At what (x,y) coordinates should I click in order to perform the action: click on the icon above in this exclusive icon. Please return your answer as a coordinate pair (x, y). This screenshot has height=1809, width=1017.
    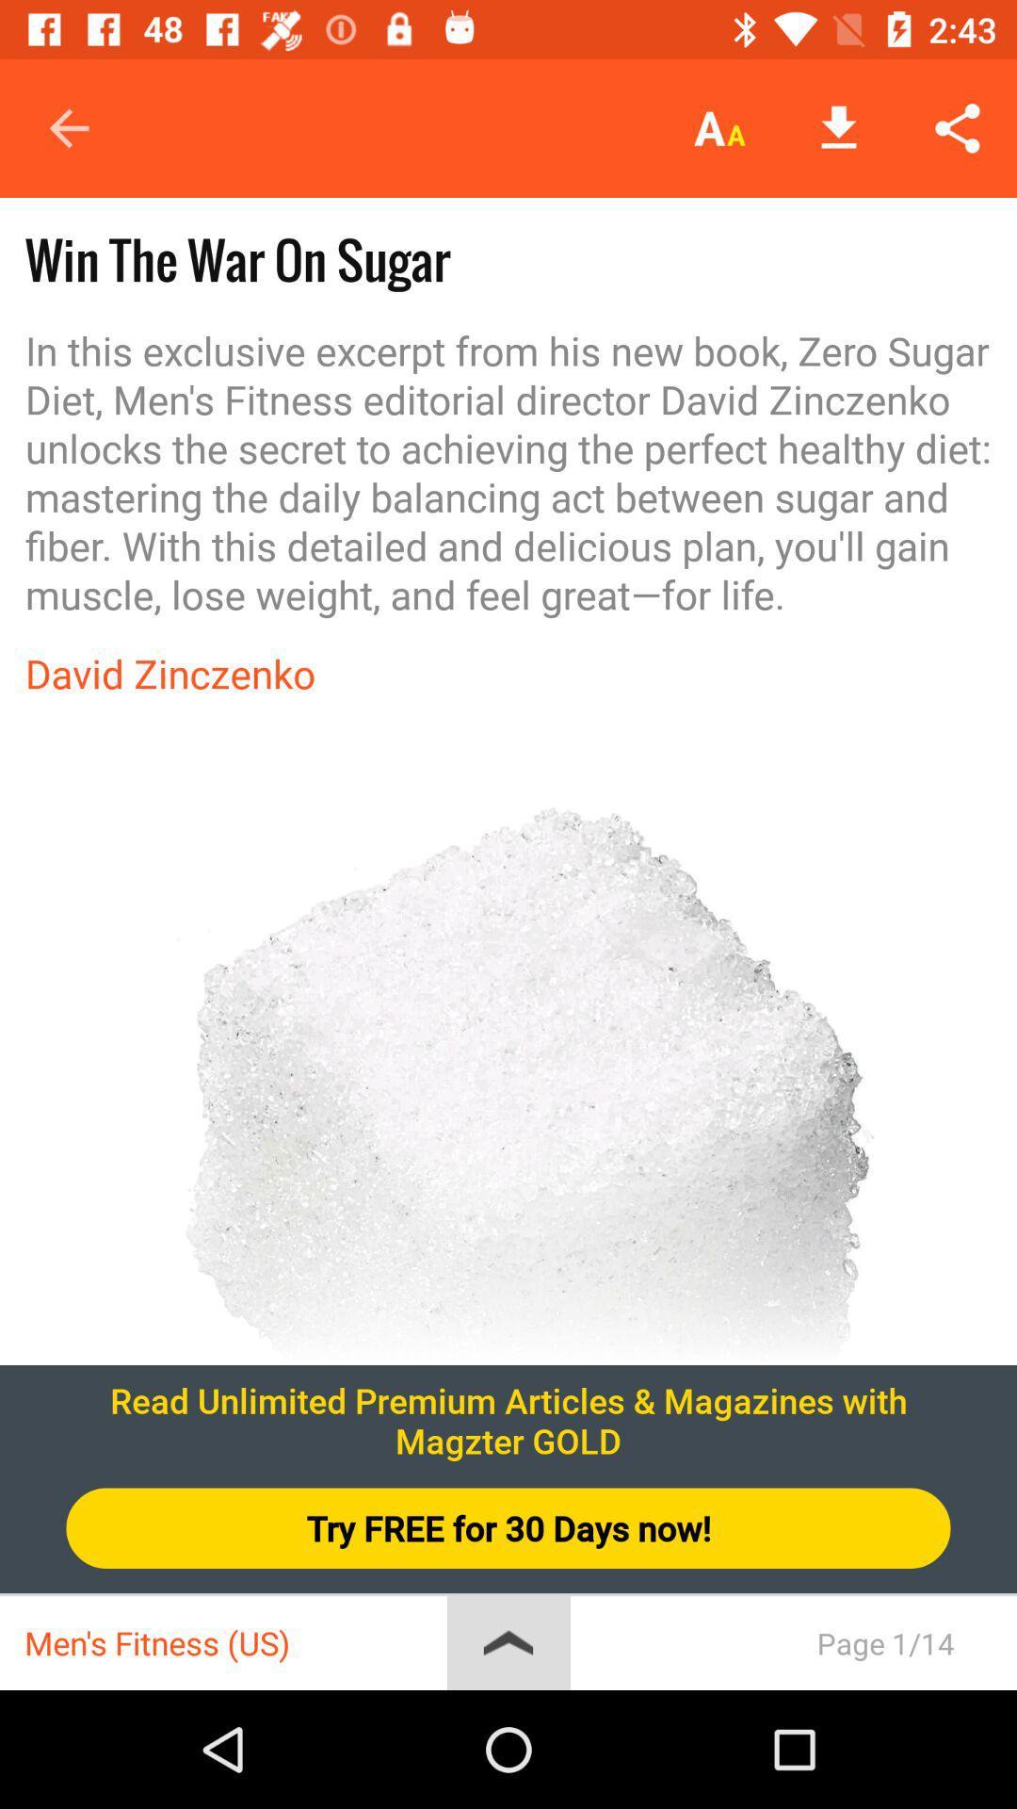
    Looking at the image, I should click on (838, 127).